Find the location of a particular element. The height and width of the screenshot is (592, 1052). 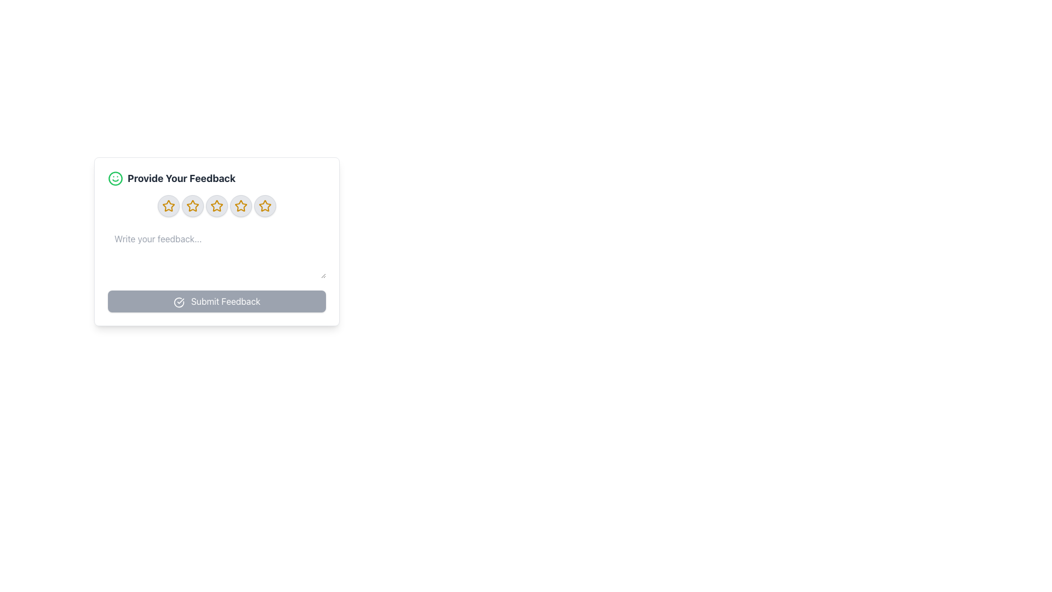

on the third golden rating star icon in the feedback section is located at coordinates (192, 206).